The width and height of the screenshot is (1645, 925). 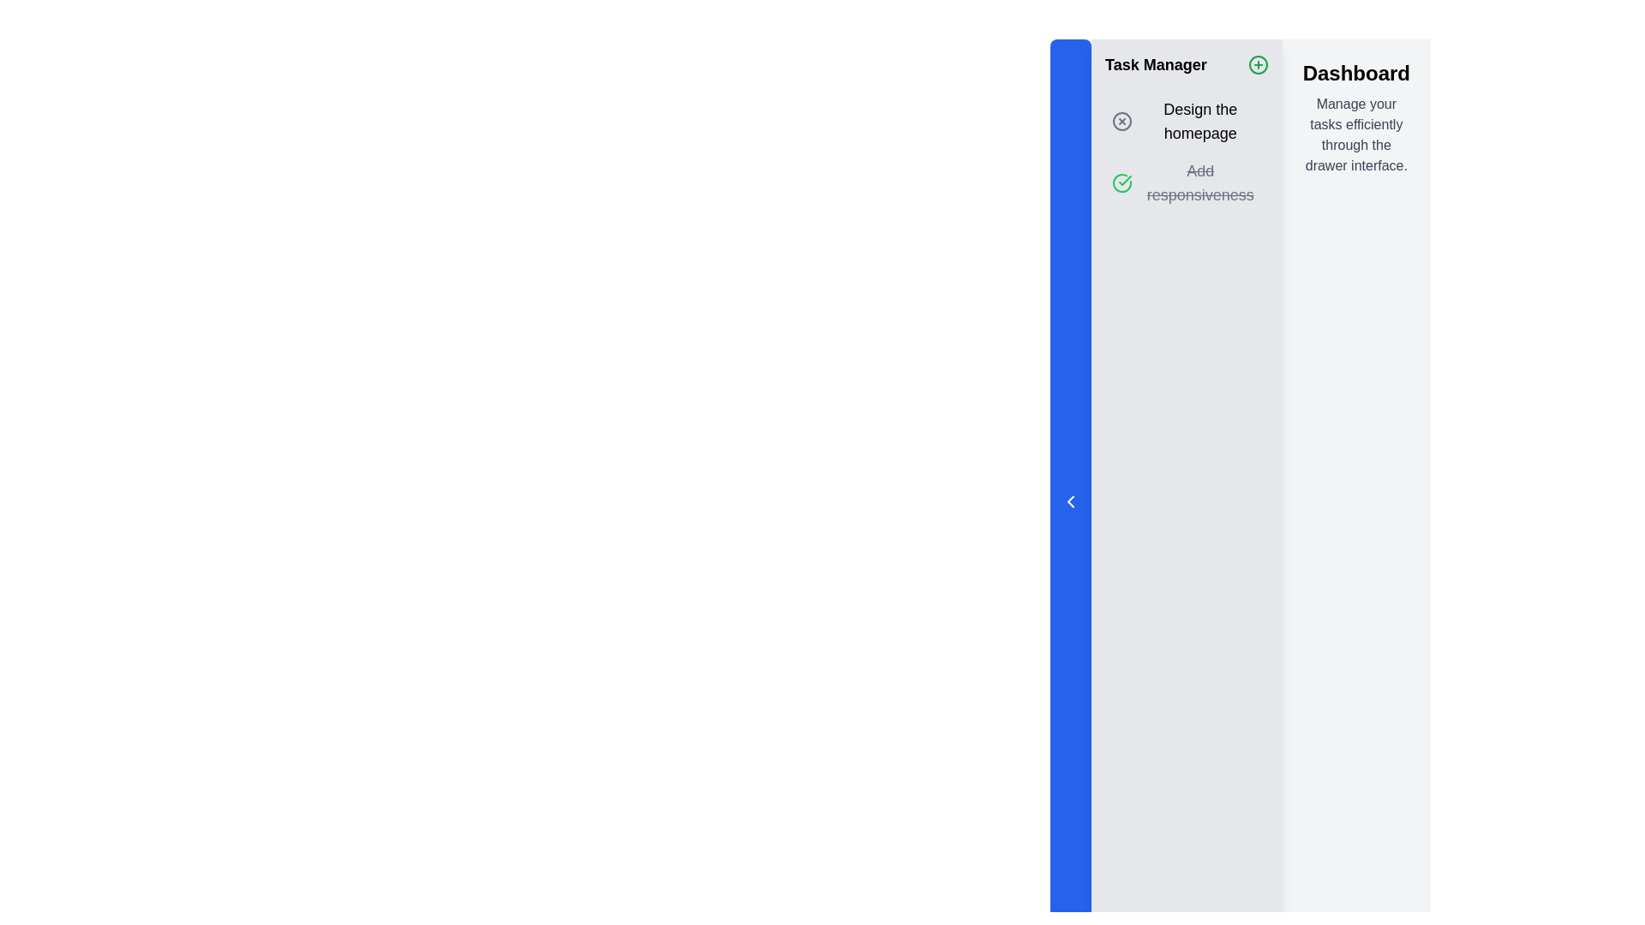 I want to click on the SVG graphic element which is a circle located near the top-right corner of the vertically stacked task list section, so click(x=1258, y=64).